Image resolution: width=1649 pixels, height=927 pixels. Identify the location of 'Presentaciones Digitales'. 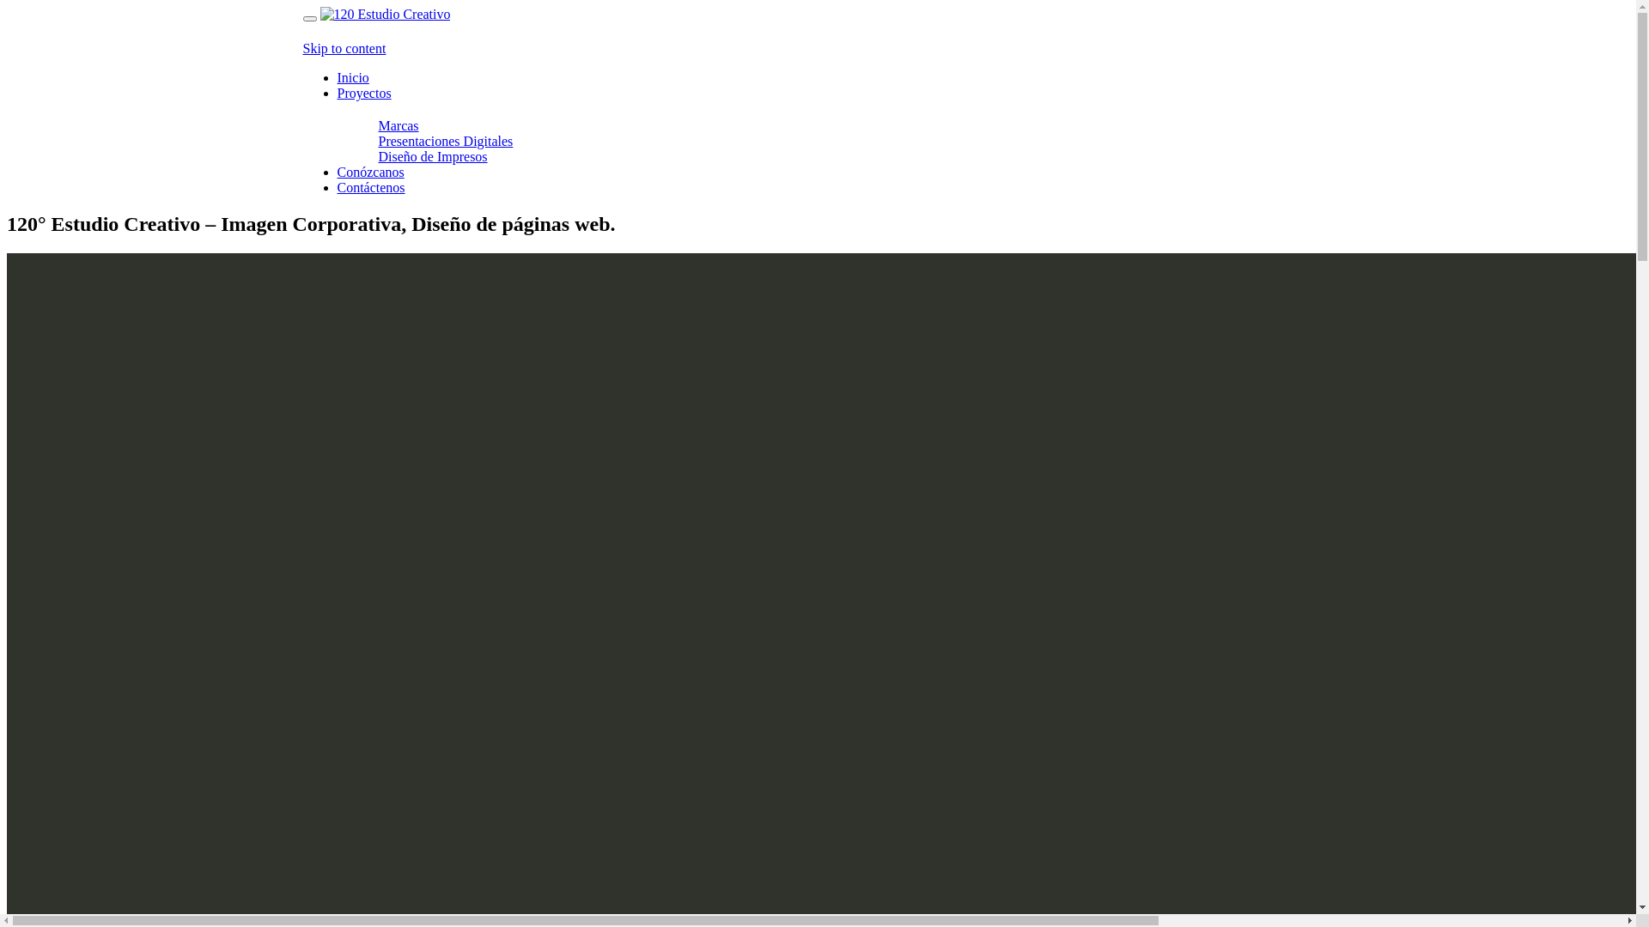
(337, 140).